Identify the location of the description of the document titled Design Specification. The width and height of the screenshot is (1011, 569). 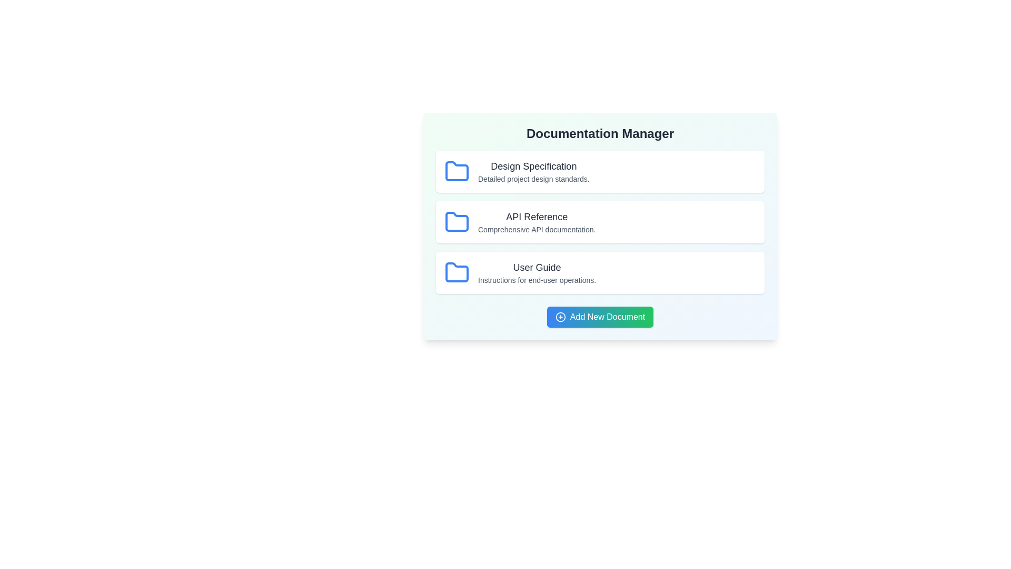
(533, 178).